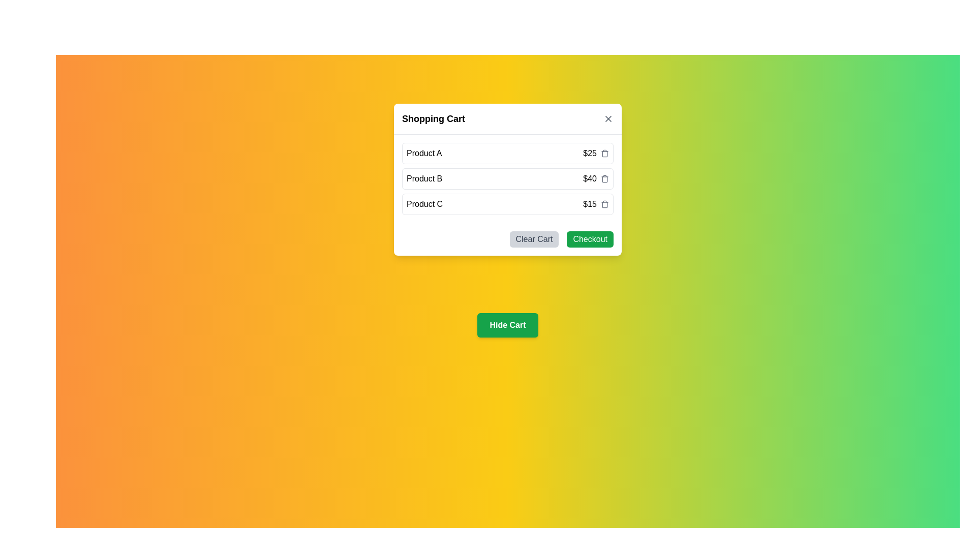 The width and height of the screenshot is (976, 549). I want to click on the trash can SVG icon located next to the price label '$40' in the 'Product B' row, so click(605, 178).